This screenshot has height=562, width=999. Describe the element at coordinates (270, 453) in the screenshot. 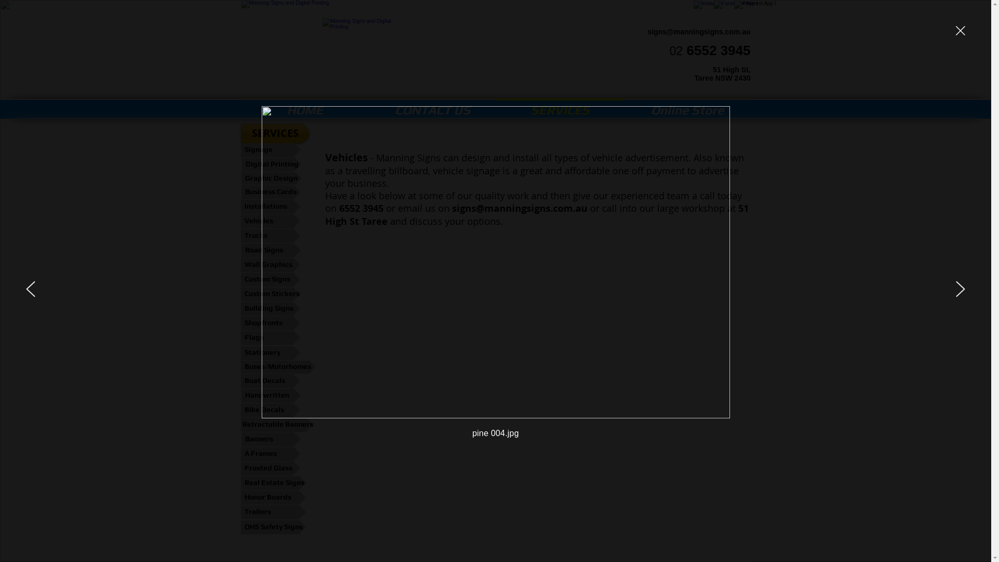

I see `'A Frames'` at that location.